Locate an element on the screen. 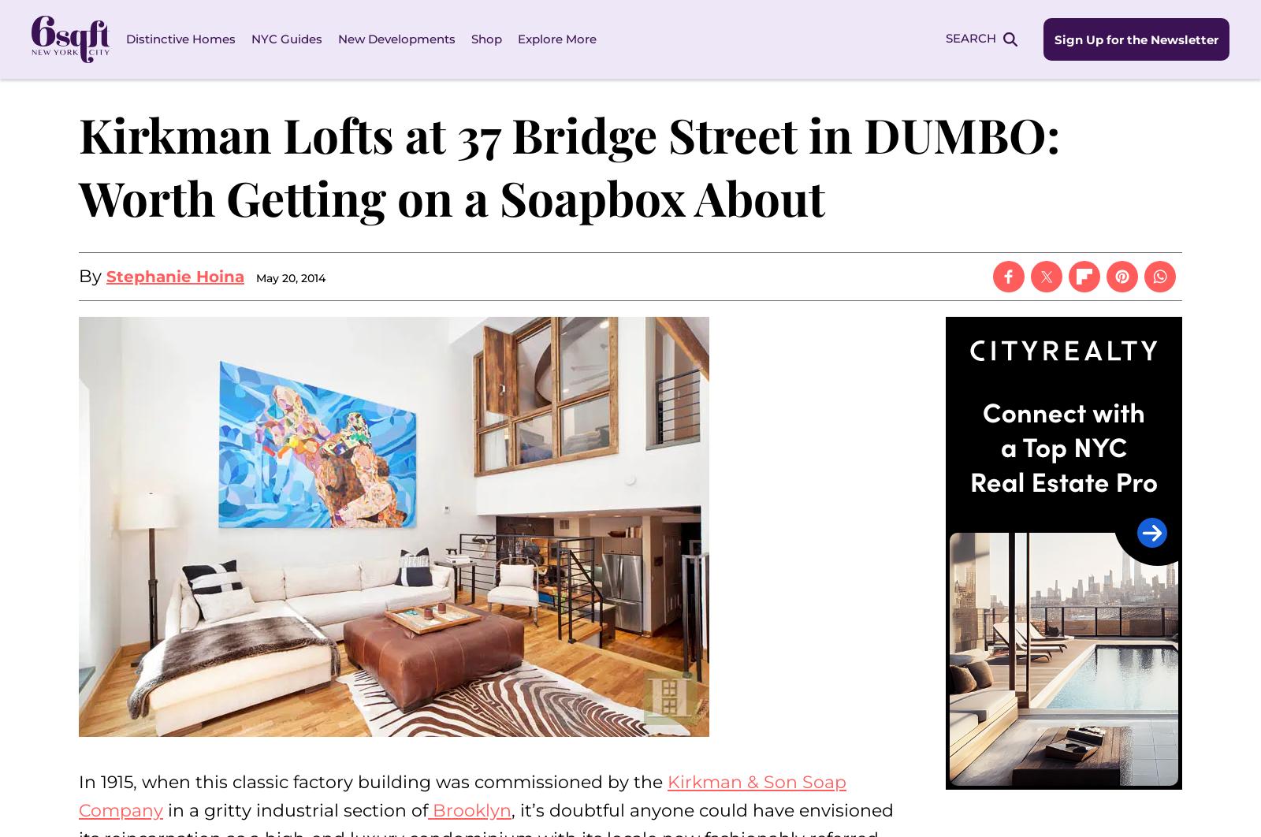  'May 20, 2014' is located at coordinates (290, 277).